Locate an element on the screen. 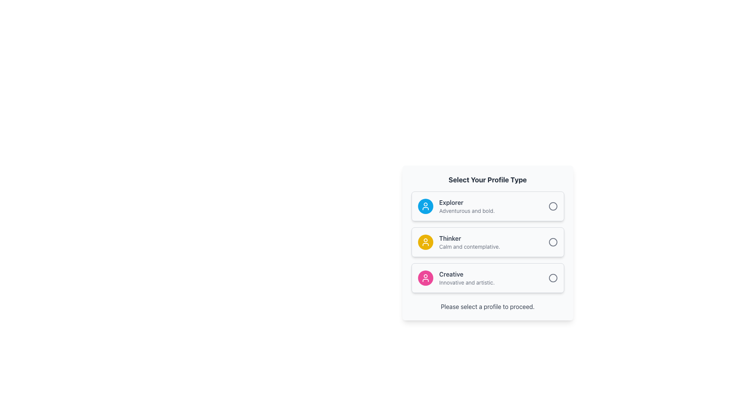  the circular SVG element with a gray outline located next to the 'Explorer' text in the first selection card of profile types is located at coordinates (553, 206).